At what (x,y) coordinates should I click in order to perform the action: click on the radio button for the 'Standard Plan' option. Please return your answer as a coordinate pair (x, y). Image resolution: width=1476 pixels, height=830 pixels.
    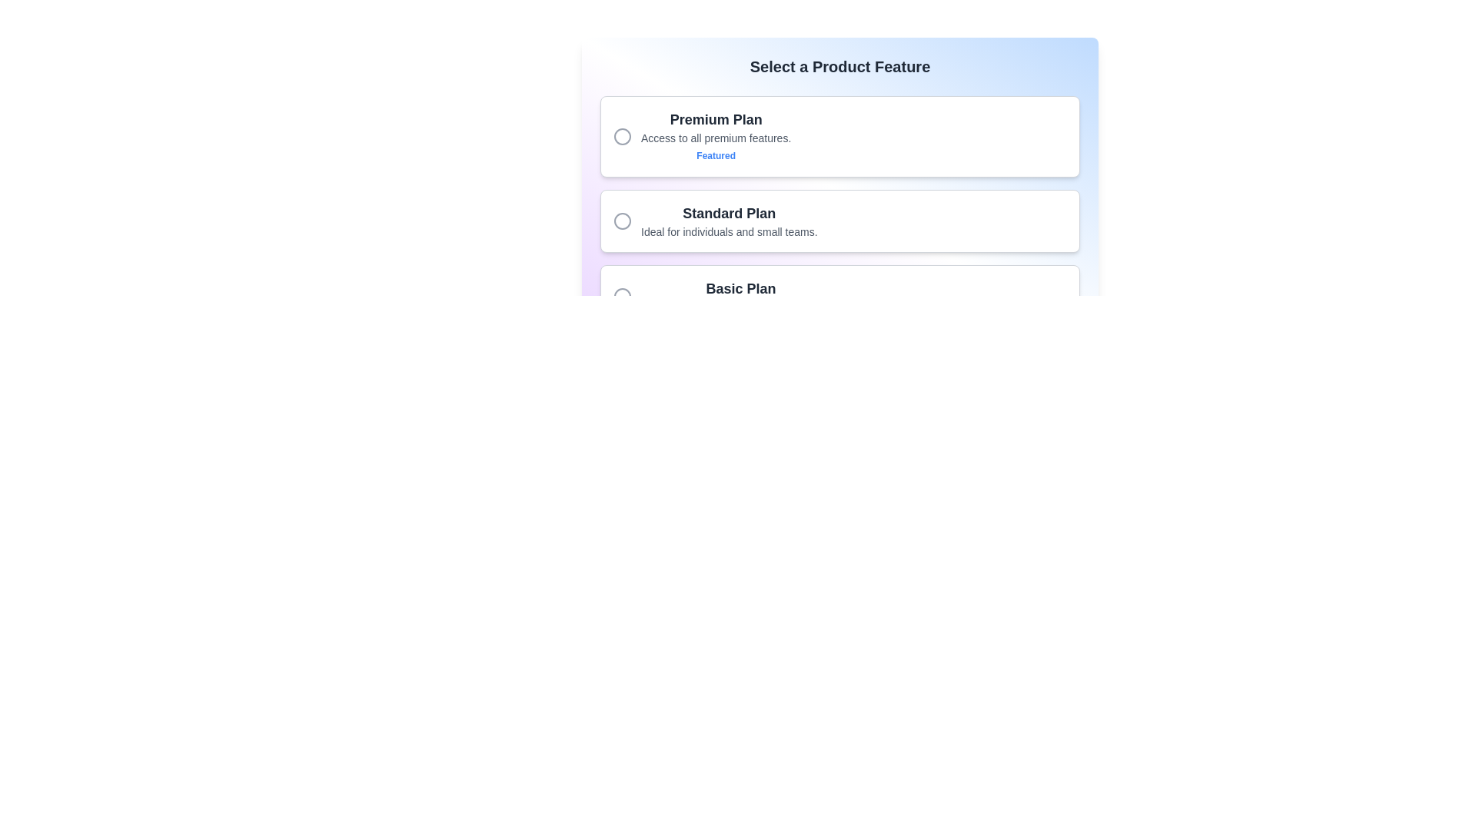
    Looking at the image, I should click on (623, 221).